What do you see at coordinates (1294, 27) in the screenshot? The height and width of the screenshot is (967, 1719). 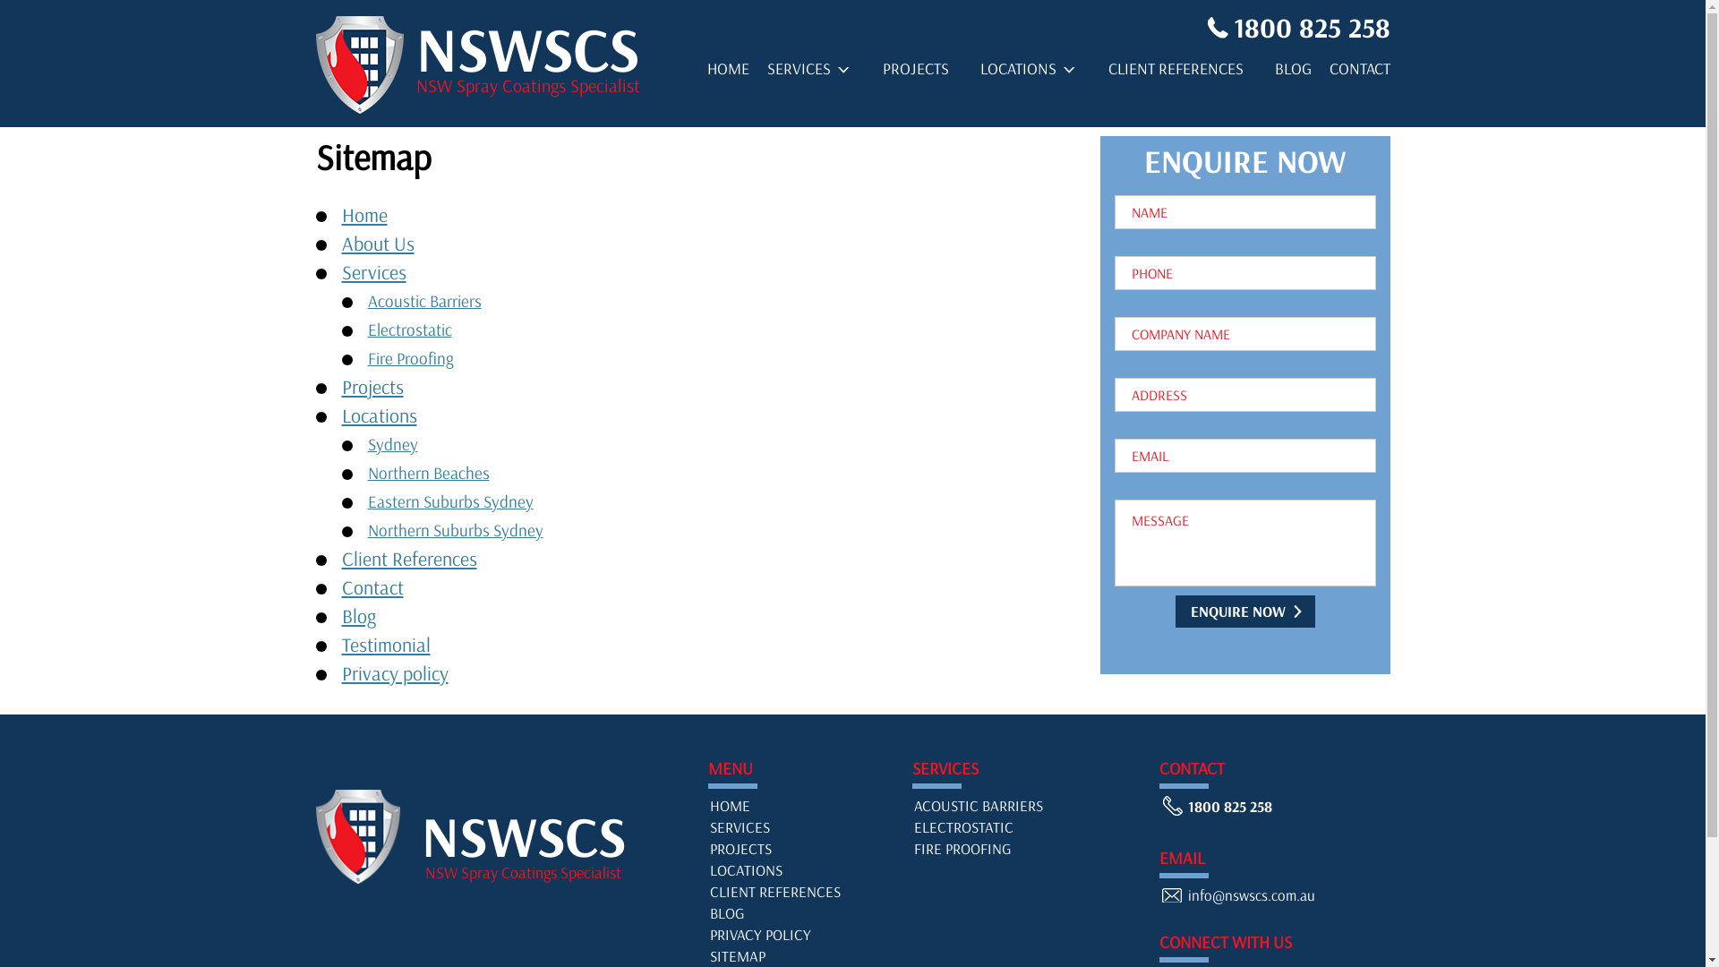 I see `'1800 825 258'` at bounding box center [1294, 27].